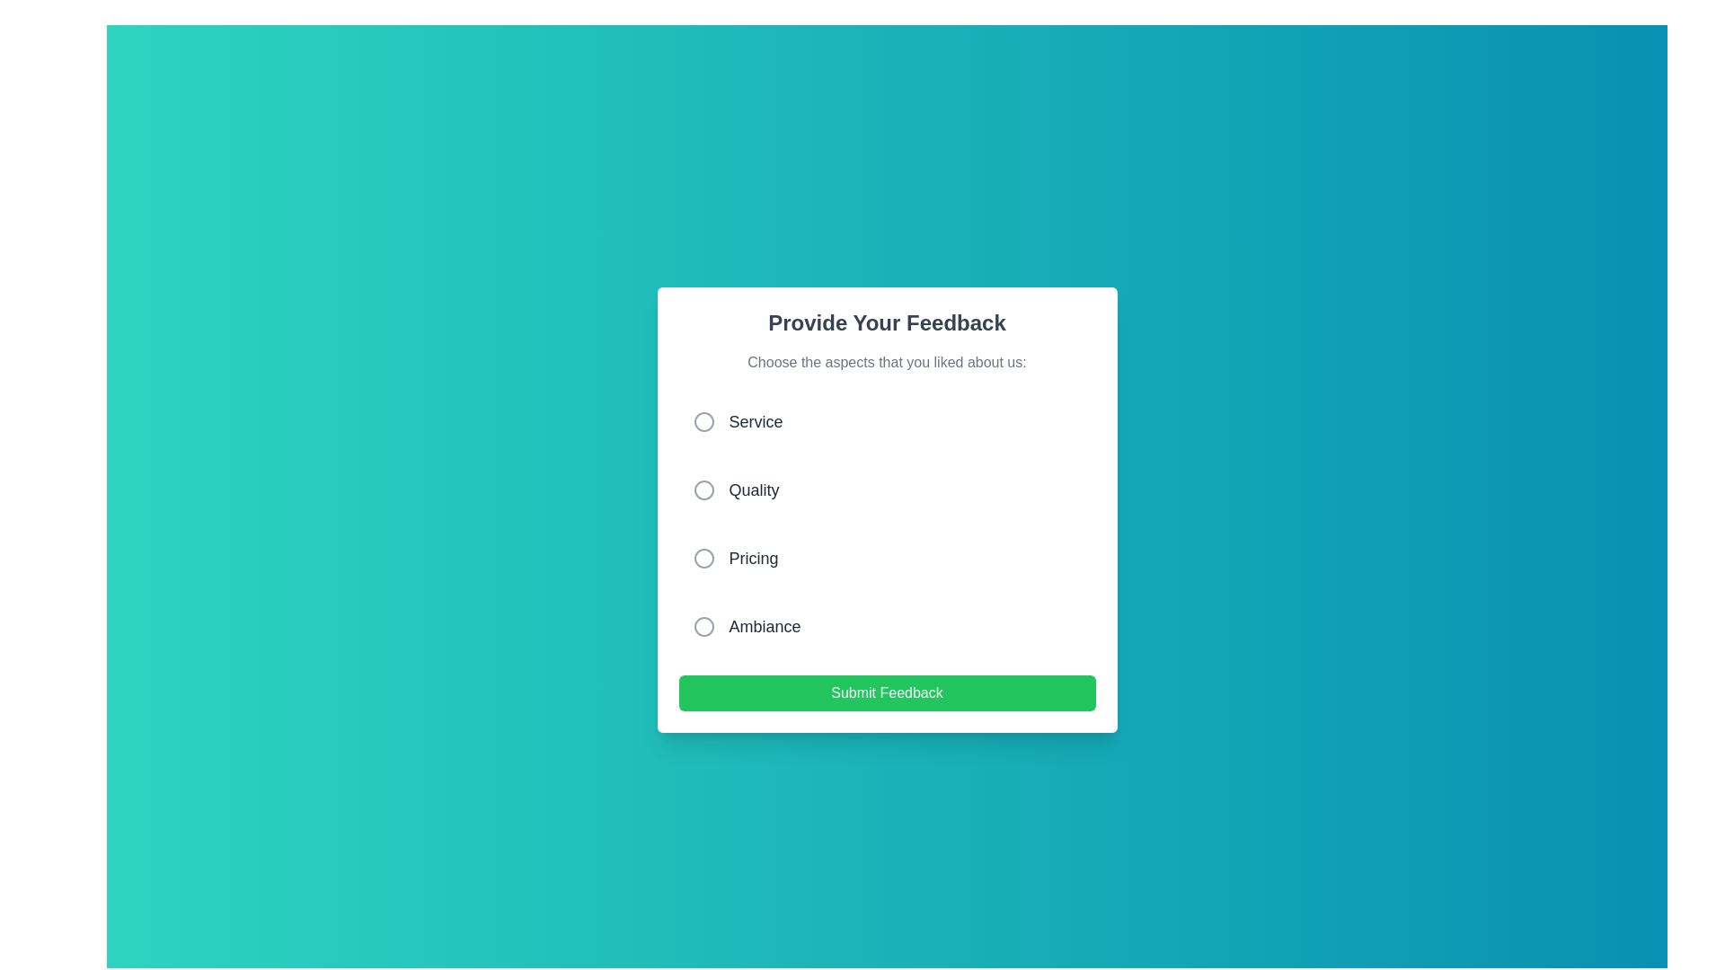 This screenshot has width=1725, height=970. Describe the element at coordinates (887, 490) in the screenshot. I see `the row corresponding to the aspect Quality` at that location.